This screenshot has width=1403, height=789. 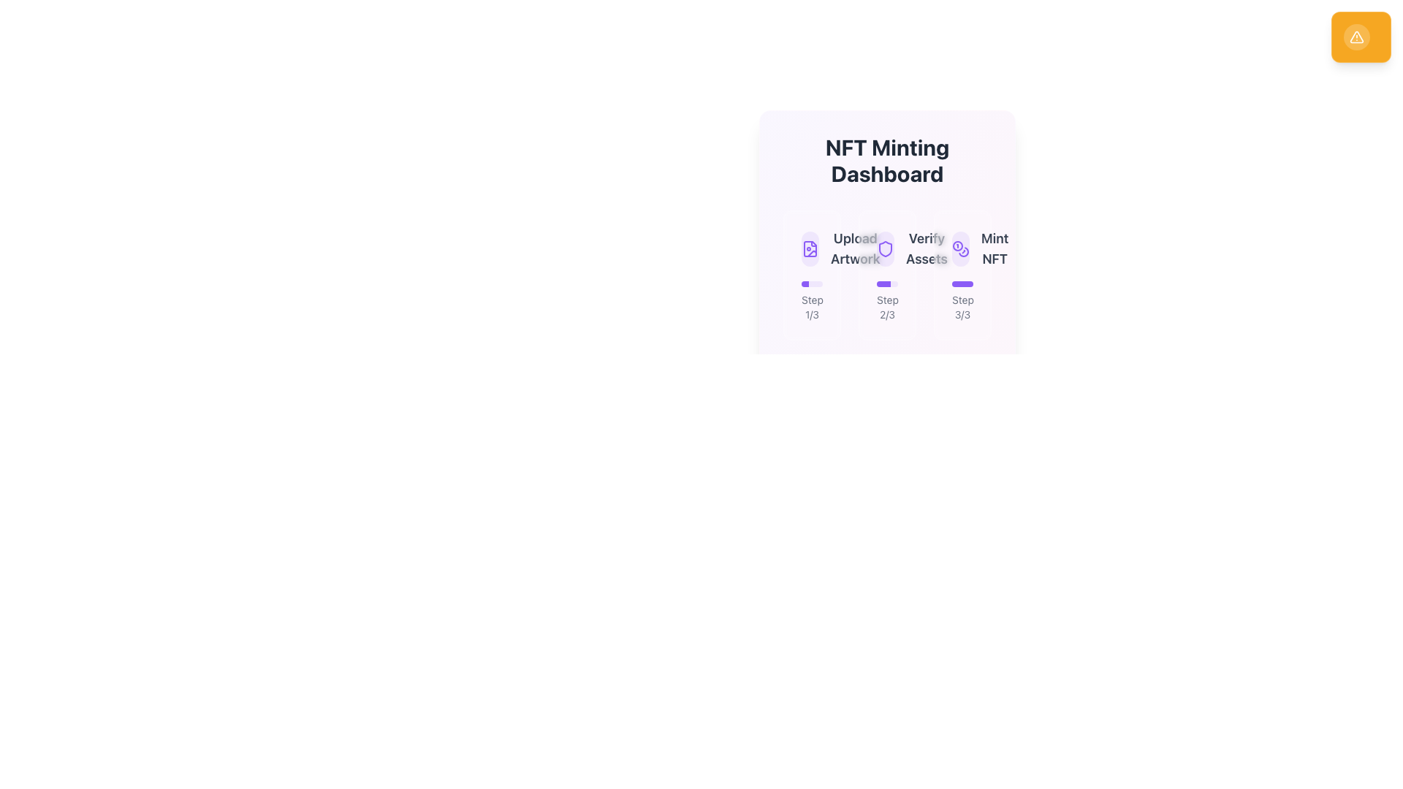 What do you see at coordinates (809, 248) in the screenshot?
I see `the leftmost rectangular icon resembling a page with a folded corner, styled in violet, located beneath the 'Upload Artwork' label` at bounding box center [809, 248].